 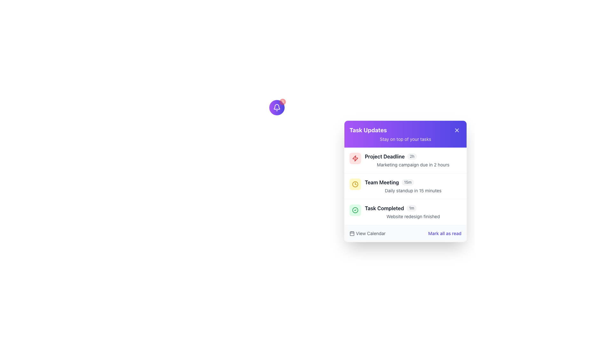 I want to click on text of the List item titled 'Project Deadline' with badge '2h' and description 'Marketing campaign due in 2 hours', so click(x=413, y=160).